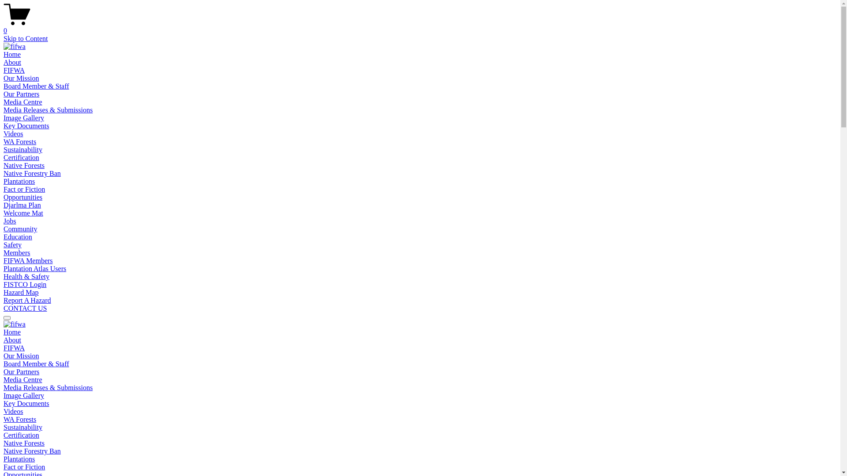 The width and height of the screenshot is (847, 476). What do you see at coordinates (34, 268) in the screenshot?
I see `'Plantation Atlas Users'` at bounding box center [34, 268].